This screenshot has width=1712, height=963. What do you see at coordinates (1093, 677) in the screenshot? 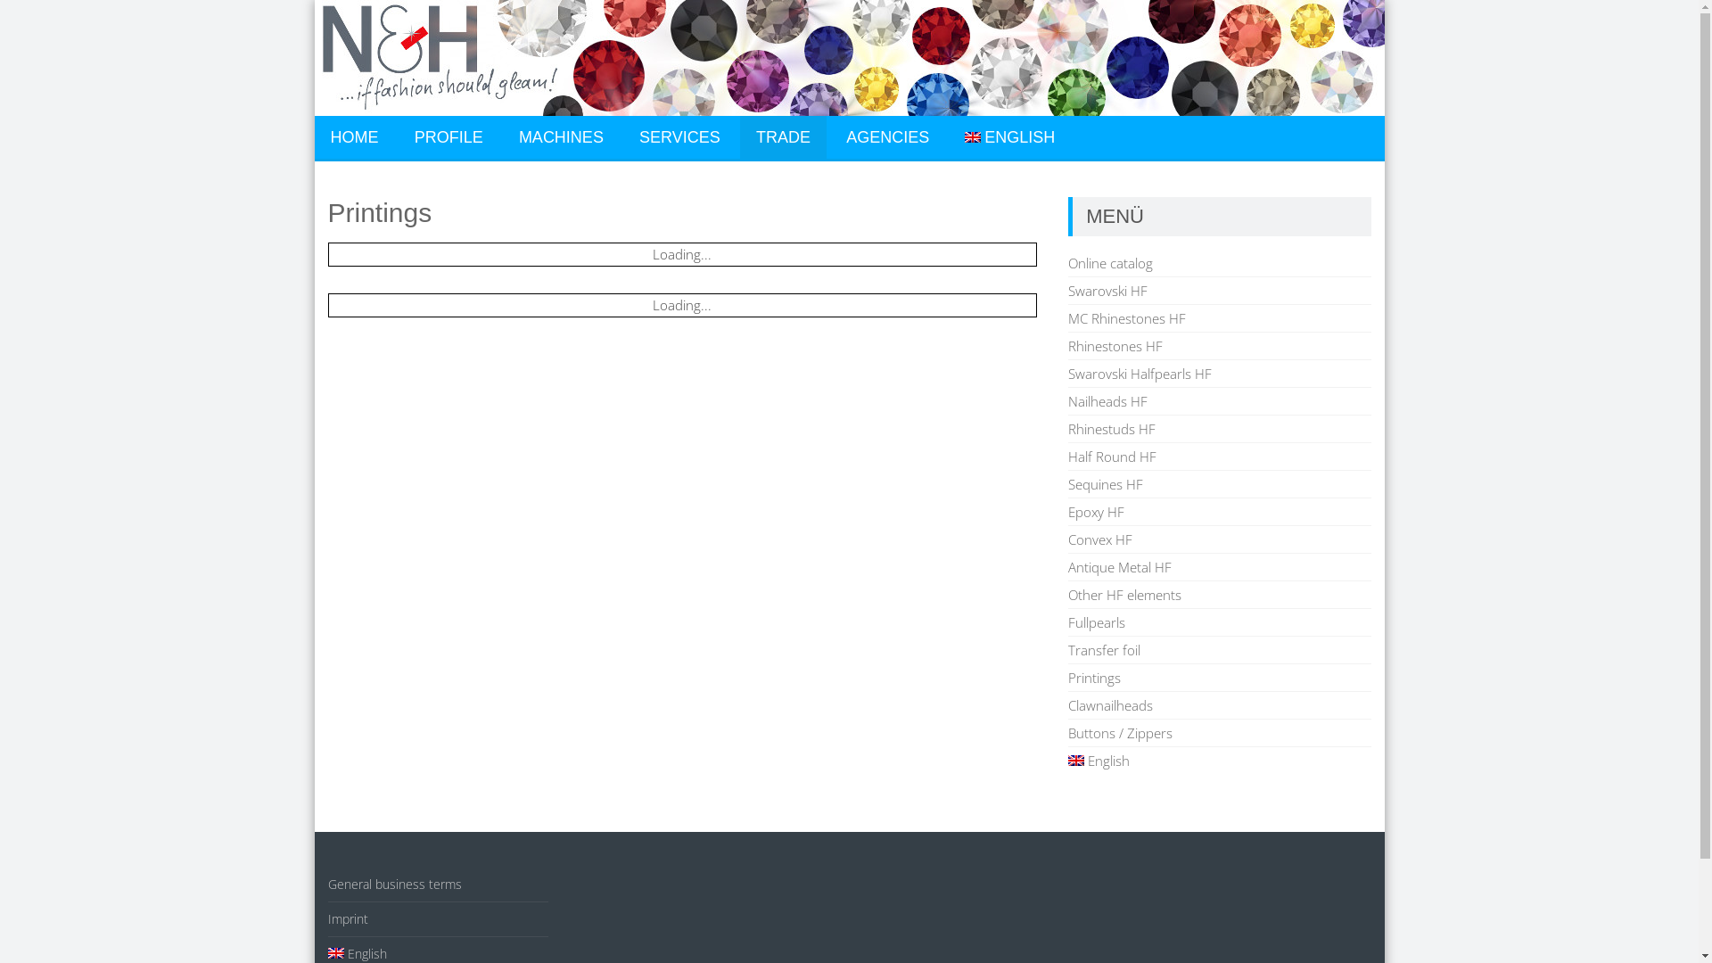
I see `'Printings'` at bounding box center [1093, 677].